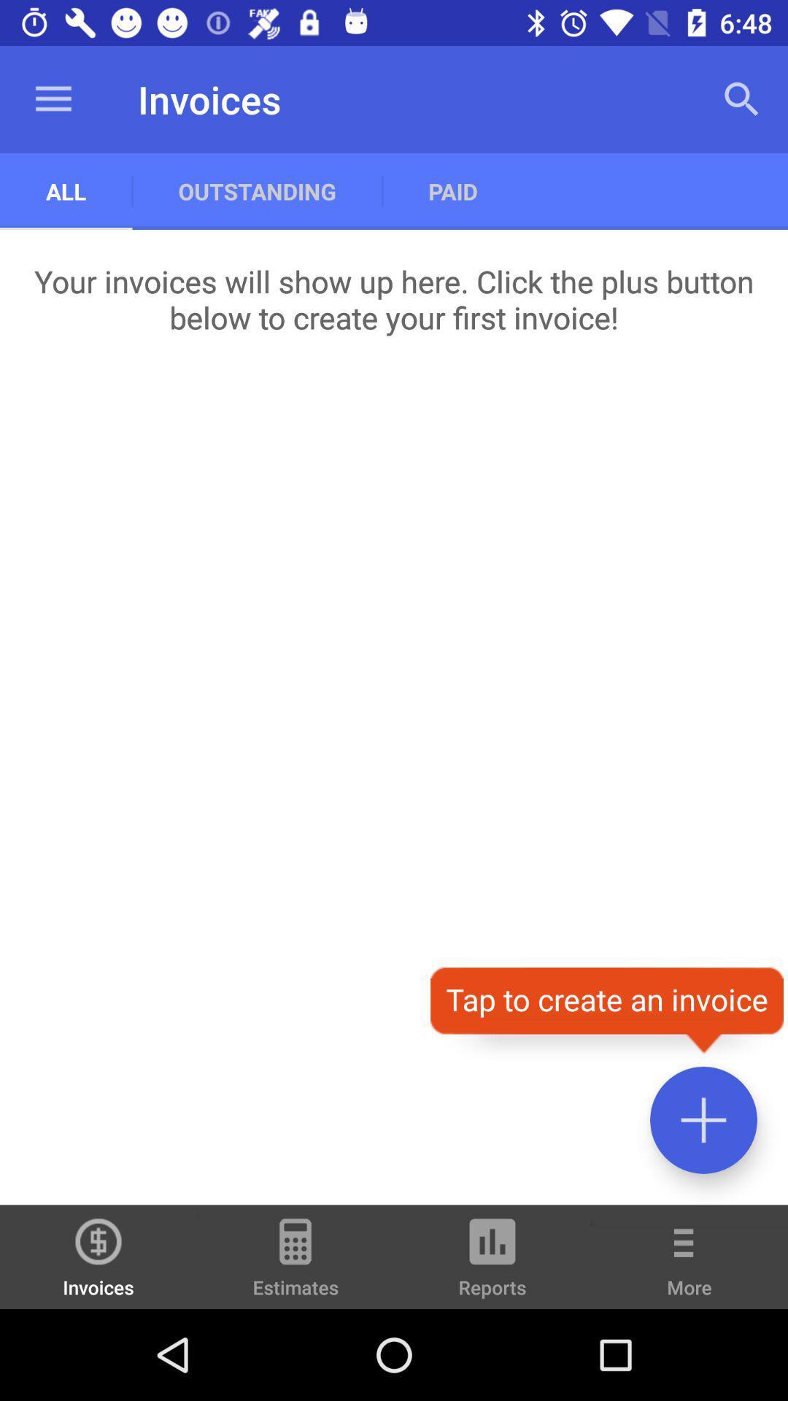 This screenshot has height=1401, width=788. I want to click on the app next to the paid, so click(742, 99).